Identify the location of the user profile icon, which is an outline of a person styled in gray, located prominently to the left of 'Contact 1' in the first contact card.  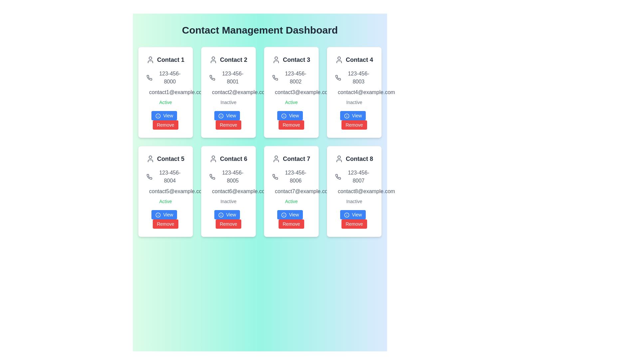
(150, 60).